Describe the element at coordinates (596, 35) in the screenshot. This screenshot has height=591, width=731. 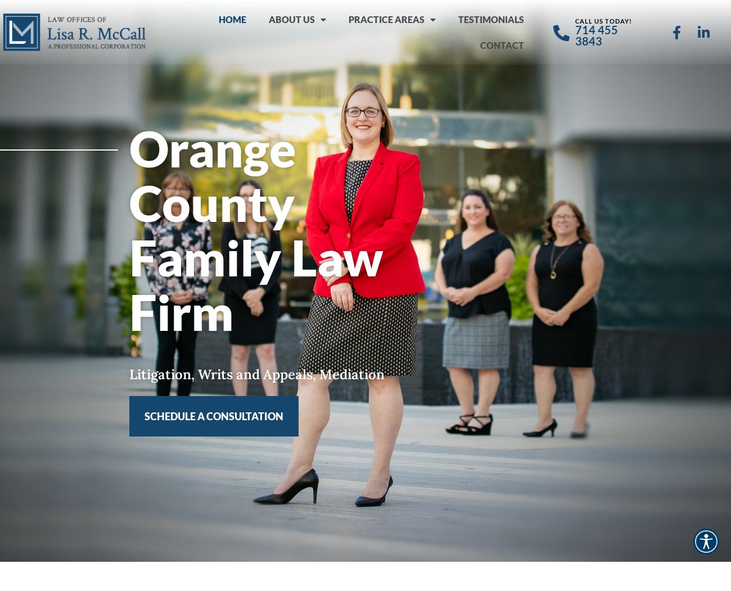
I see `'714 455 3843'` at that location.